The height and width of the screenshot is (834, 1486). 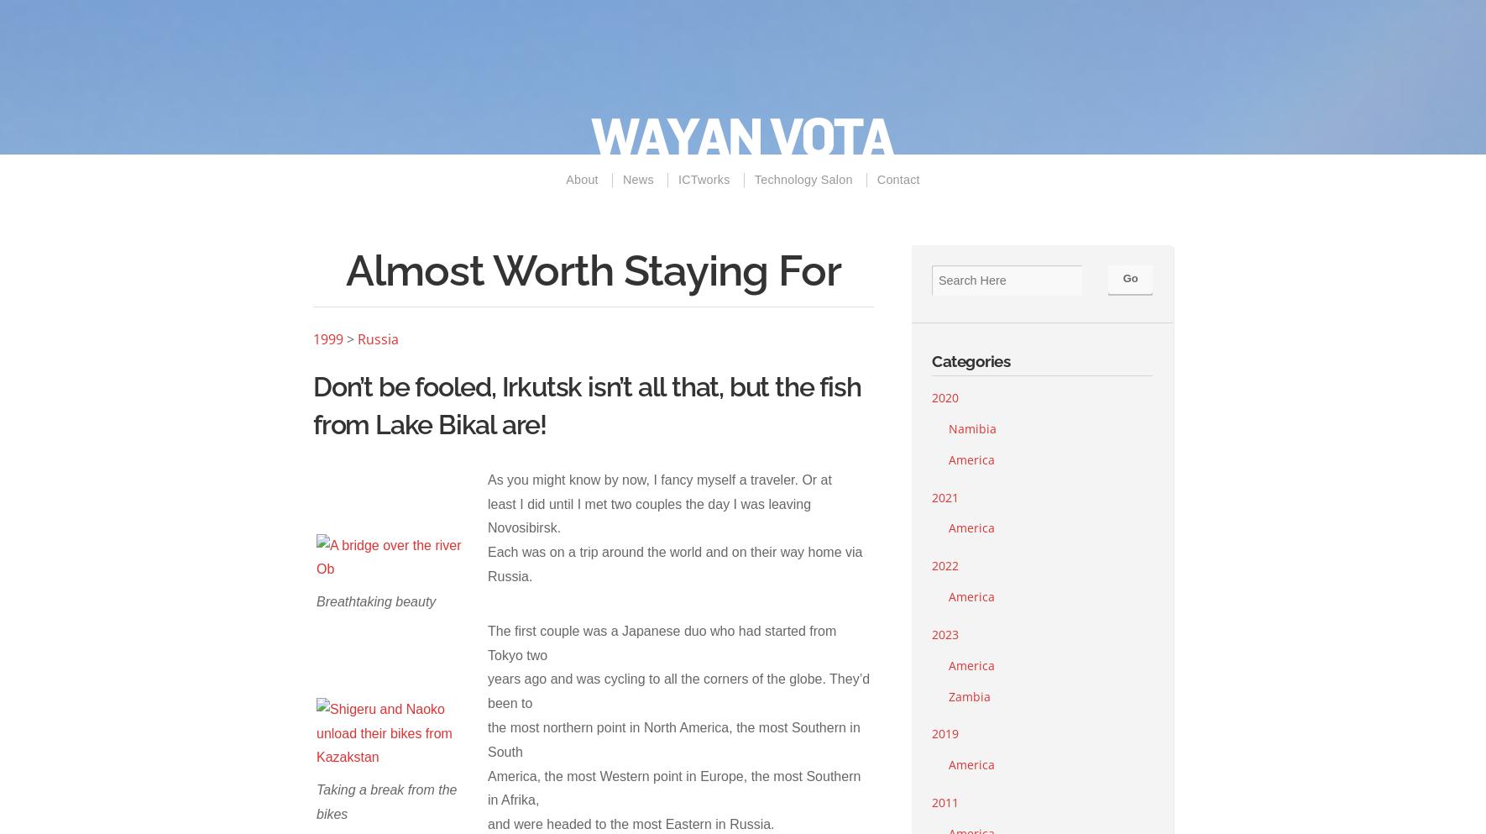 What do you see at coordinates (673, 739) in the screenshot?
I see `'the most northern point in North America, the most Southern in South'` at bounding box center [673, 739].